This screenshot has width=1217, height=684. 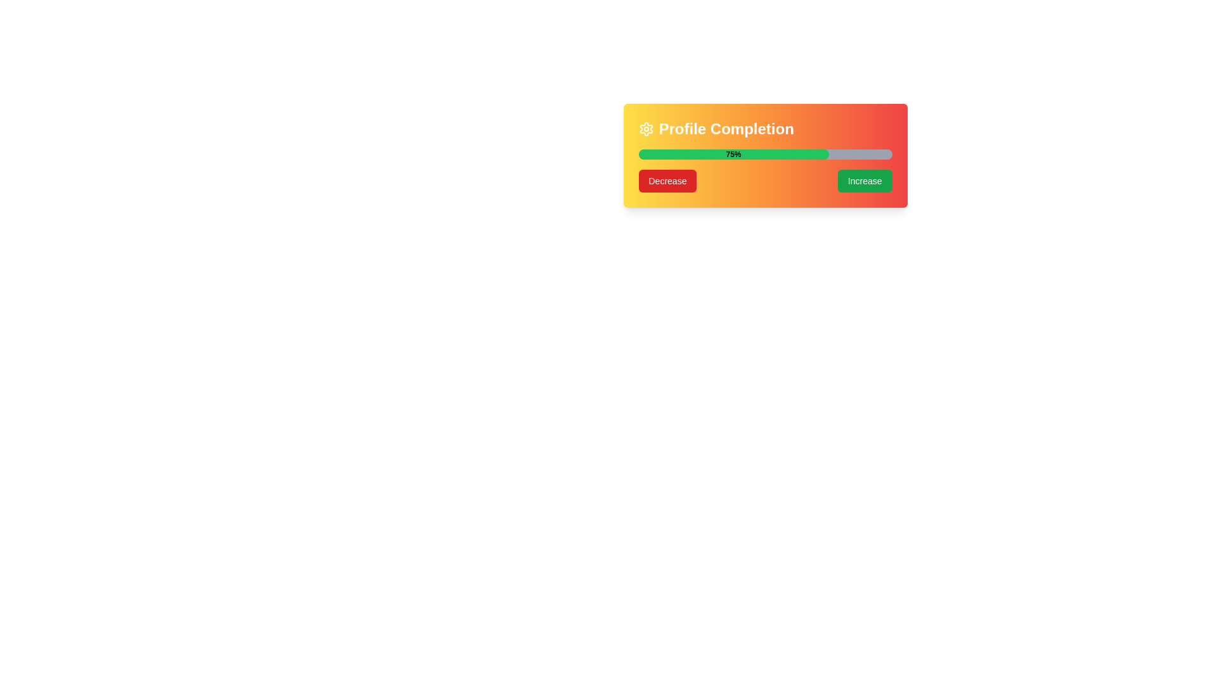 What do you see at coordinates (667, 180) in the screenshot?
I see `the button located to the left of the 'Increase' button to decrease the profile completion percentage` at bounding box center [667, 180].